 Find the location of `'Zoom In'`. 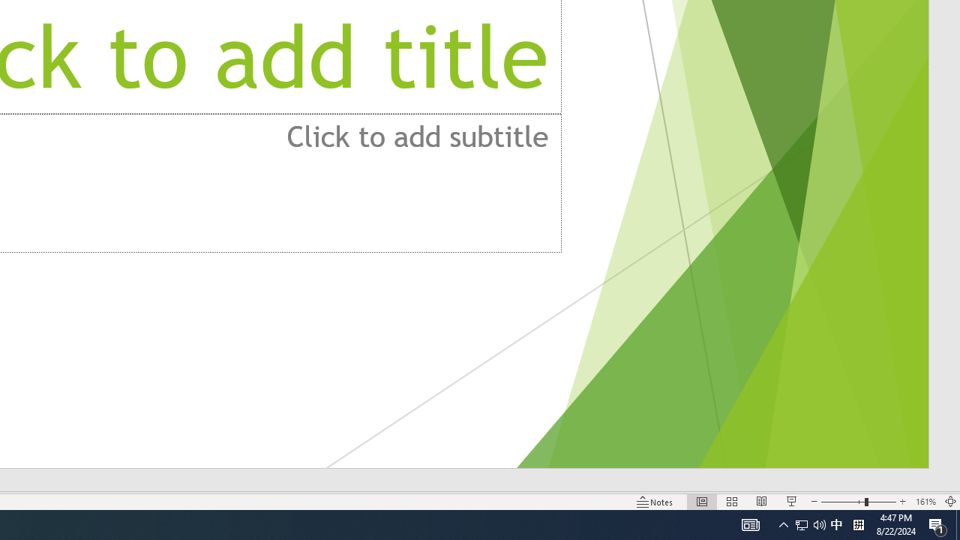

'Zoom In' is located at coordinates (902, 502).